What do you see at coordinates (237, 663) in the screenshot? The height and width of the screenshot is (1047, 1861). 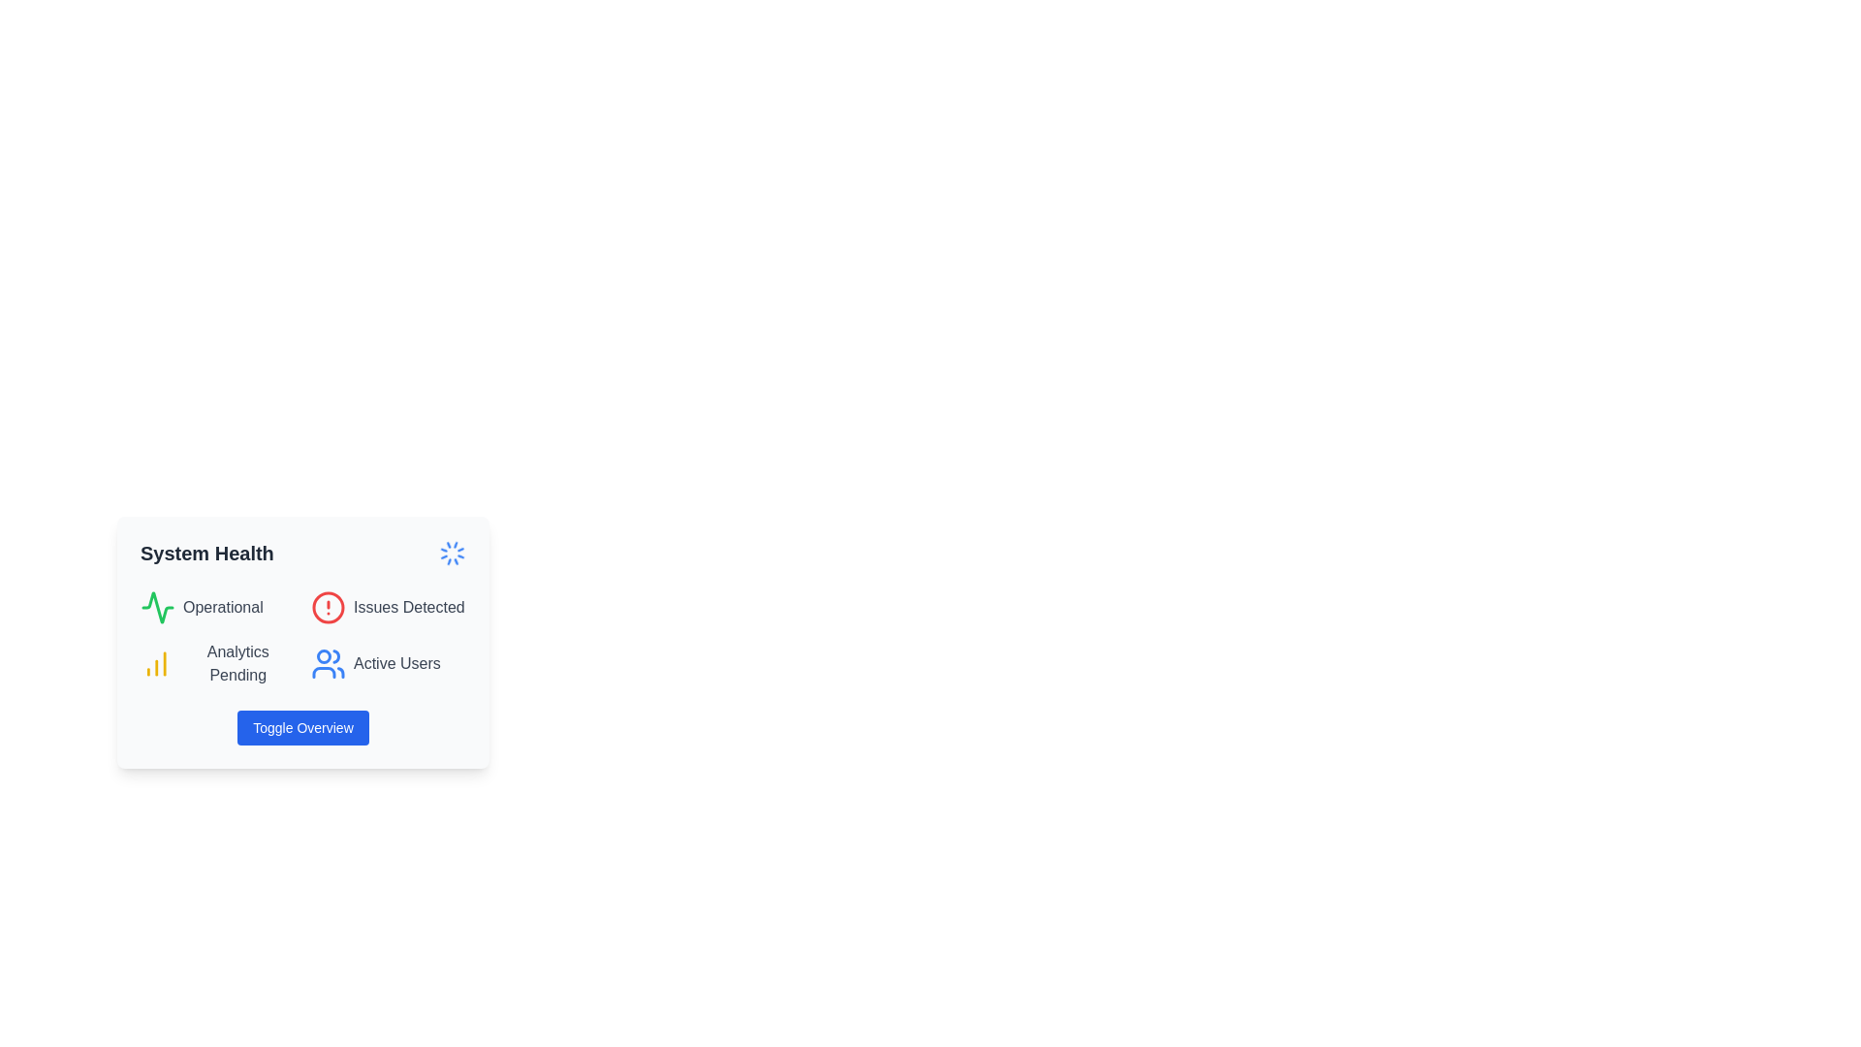 I see `the static text label indicating the status of analytics processing, which shows that it is currently pending, located in the bottom left of the 'System Health' card, just below the 'Operational' status` at bounding box center [237, 663].